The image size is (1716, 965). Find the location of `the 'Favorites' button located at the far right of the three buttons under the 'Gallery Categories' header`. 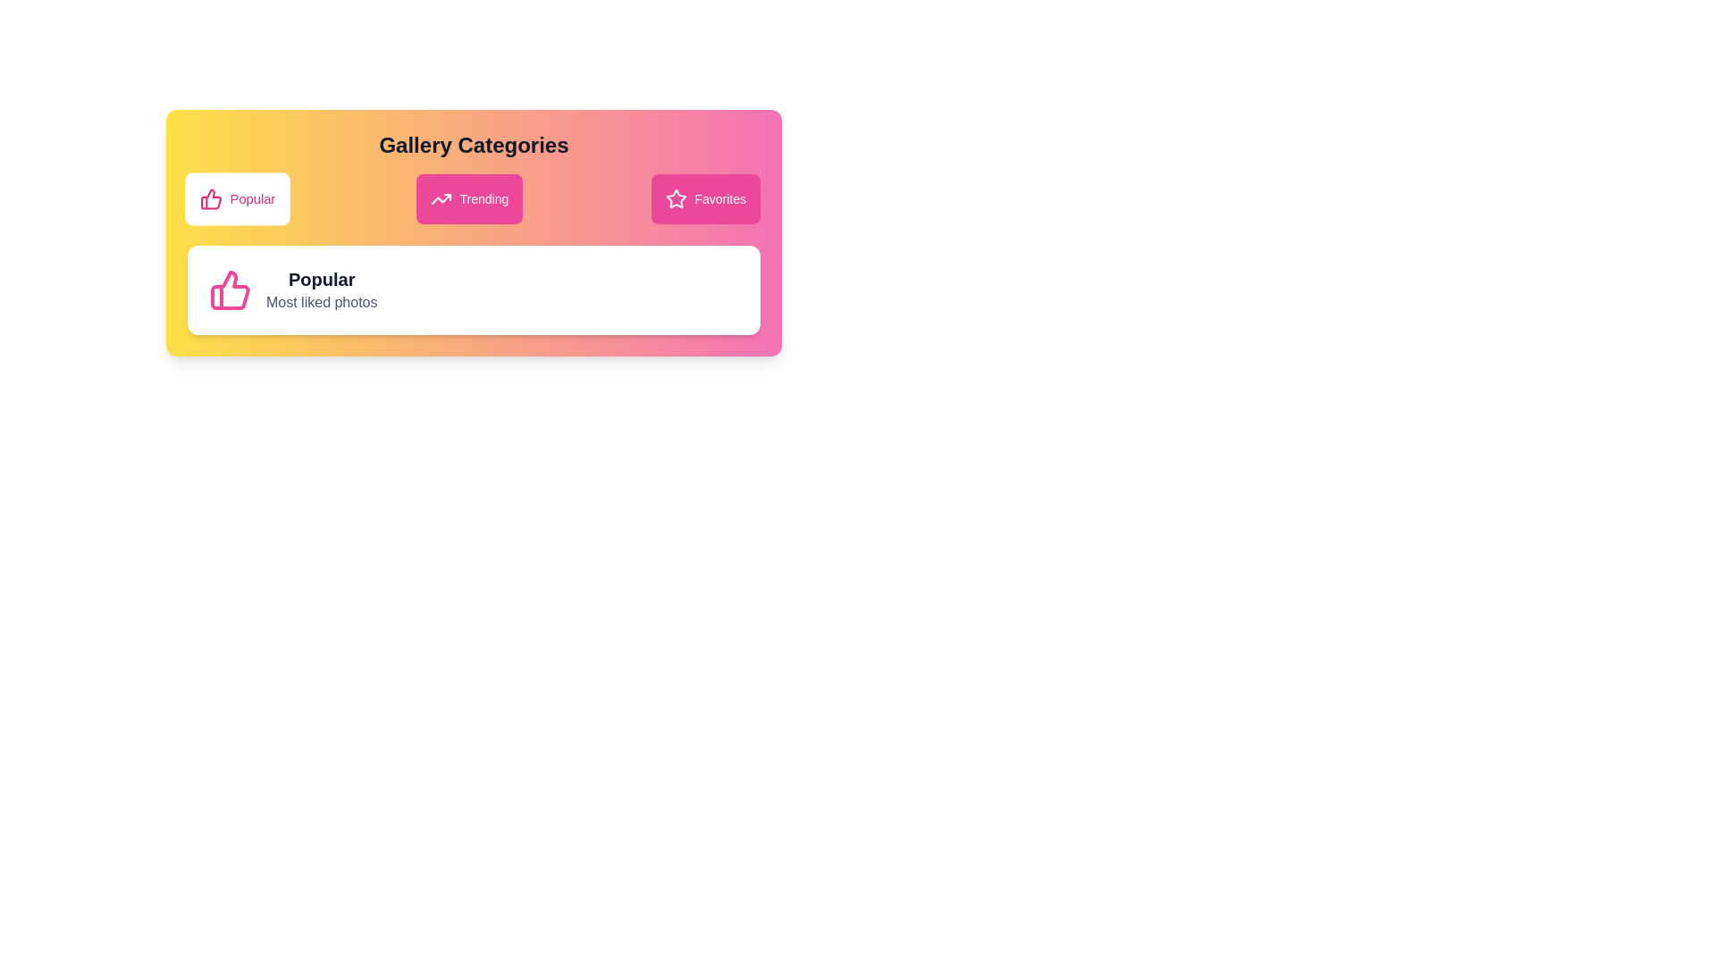

the 'Favorites' button located at the far right of the three buttons under the 'Gallery Categories' header is located at coordinates (705, 199).